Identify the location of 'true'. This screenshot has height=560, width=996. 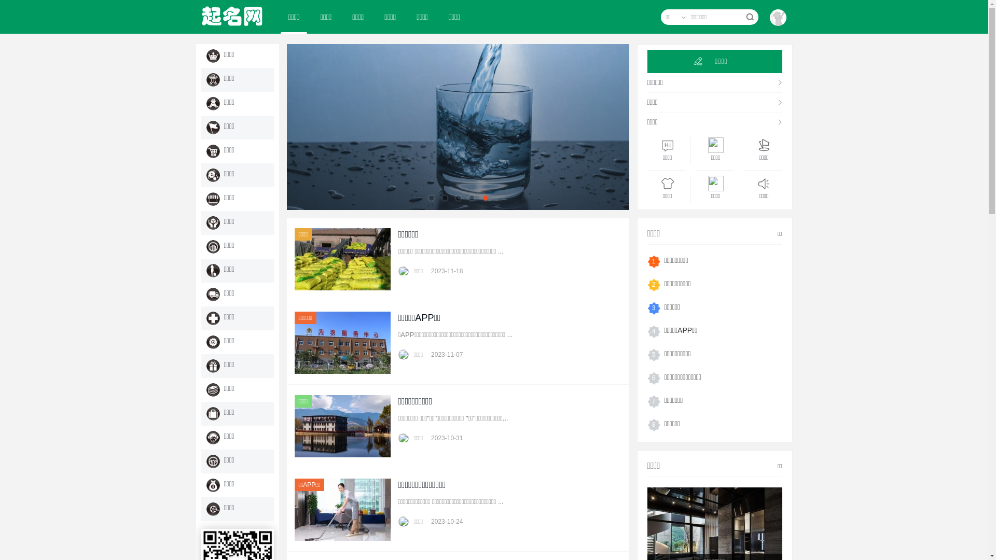
(749, 17).